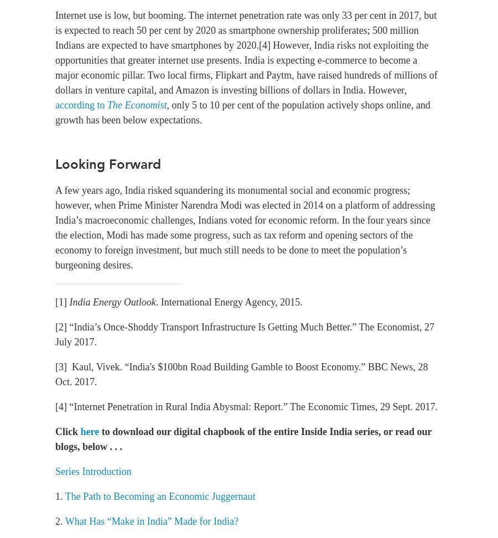 The image size is (498, 538). I want to click on 'according to', so click(81, 105).